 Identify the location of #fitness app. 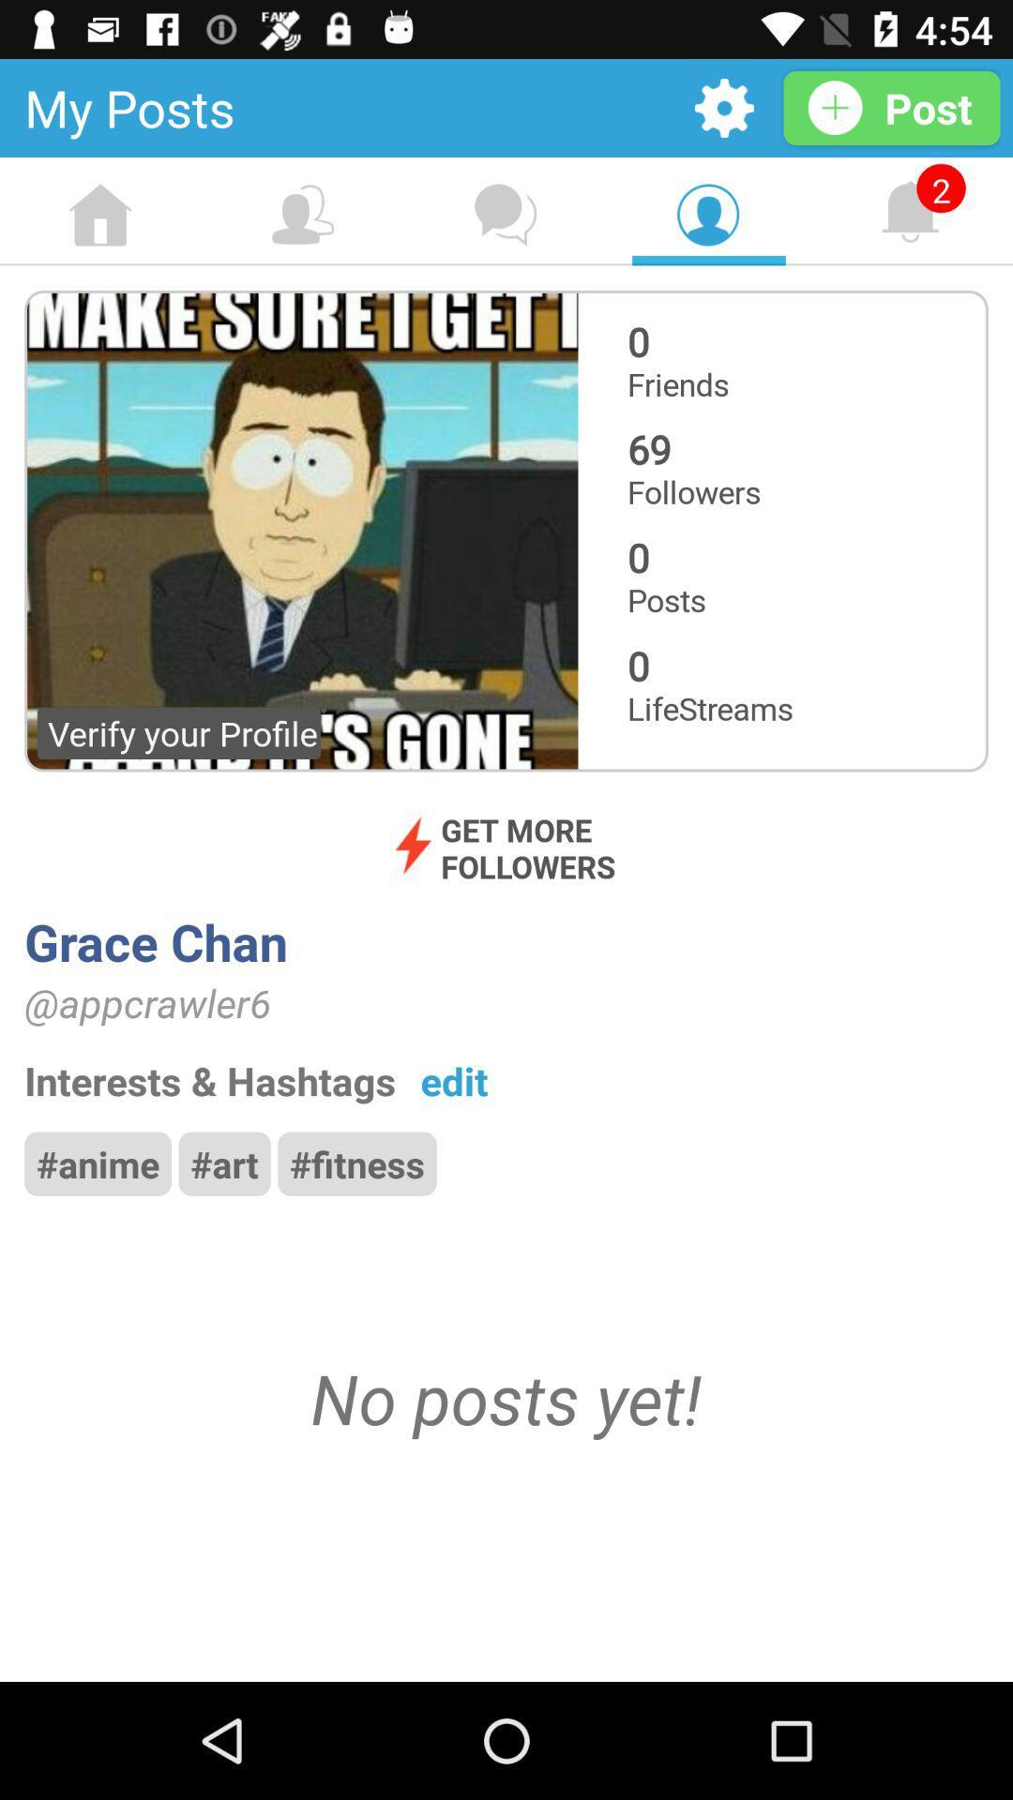
(357, 1162).